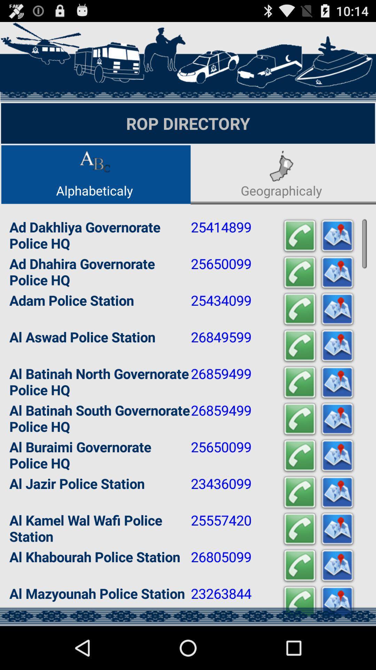 This screenshot has width=376, height=670. What do you see at coordinates (299, 529) in the screenshot?
I see `start a call with selected contact` at bounding box center [299, 529].